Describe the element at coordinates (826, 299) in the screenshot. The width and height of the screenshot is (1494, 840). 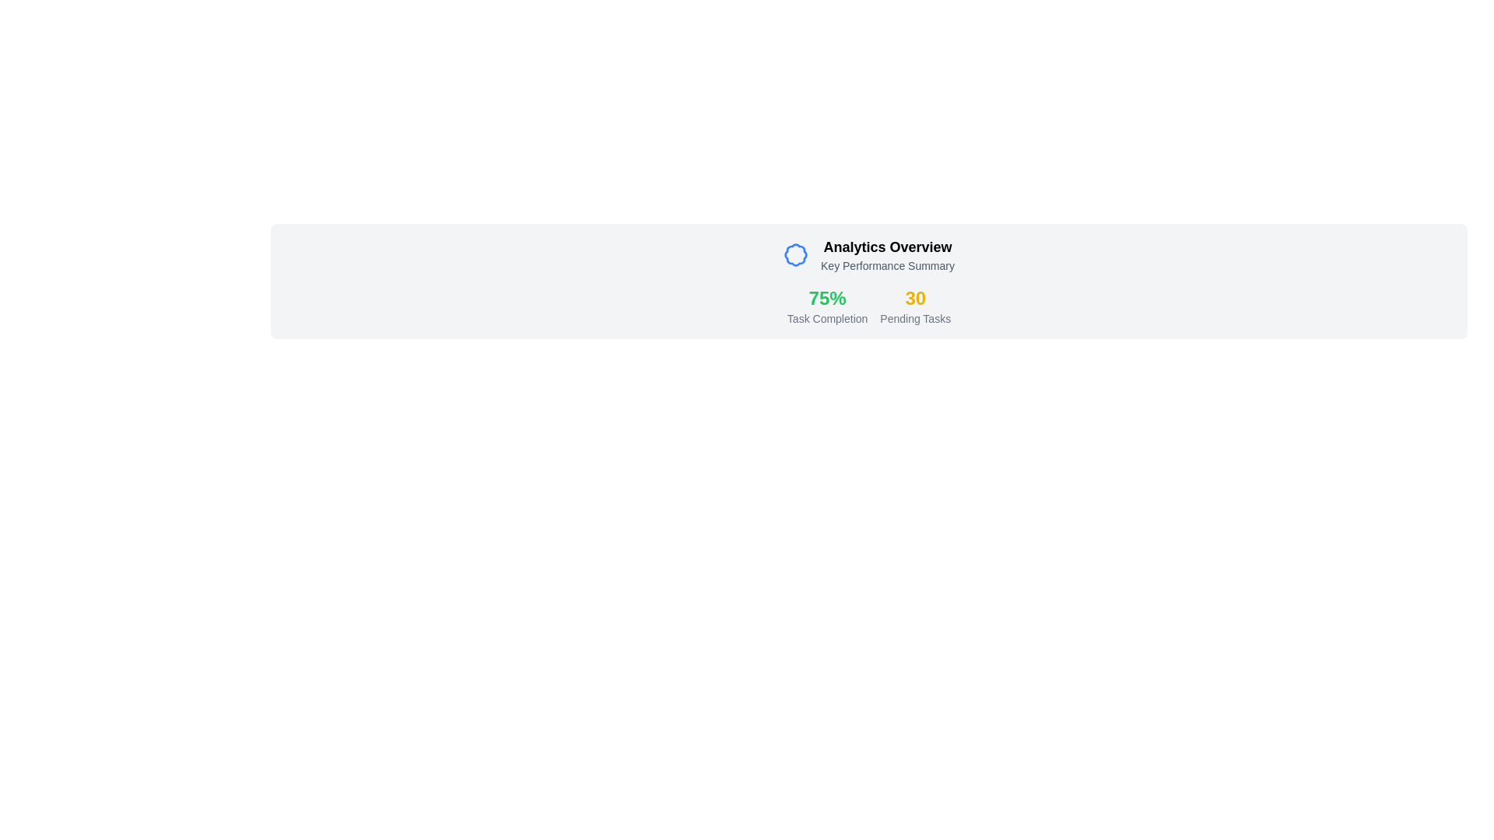
I see `the text label that displays the percentage of task completion, located in the center of the interface, above 'Task Completion' and to the left of '30'` at that location.